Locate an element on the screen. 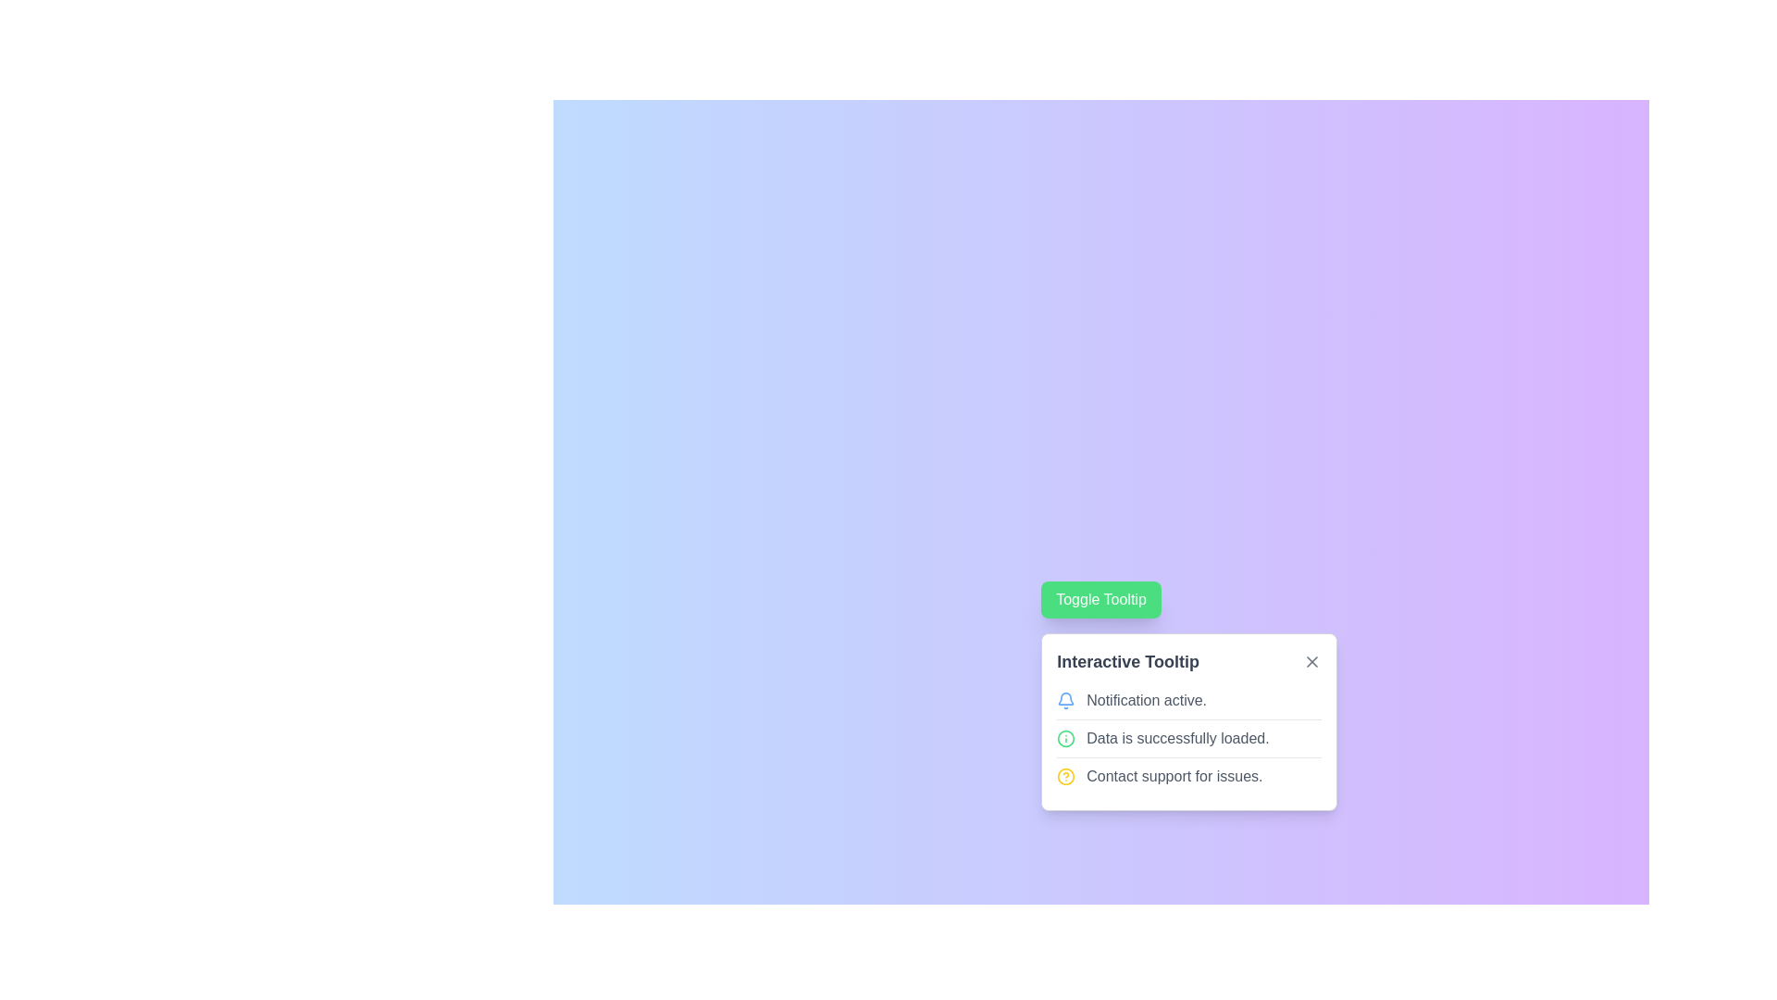 The image size is (1777, 1000). the close button icon resembling a cross in the top-right corner of the 'Interactive Tooltip' is located at coordinates (1311, 660).